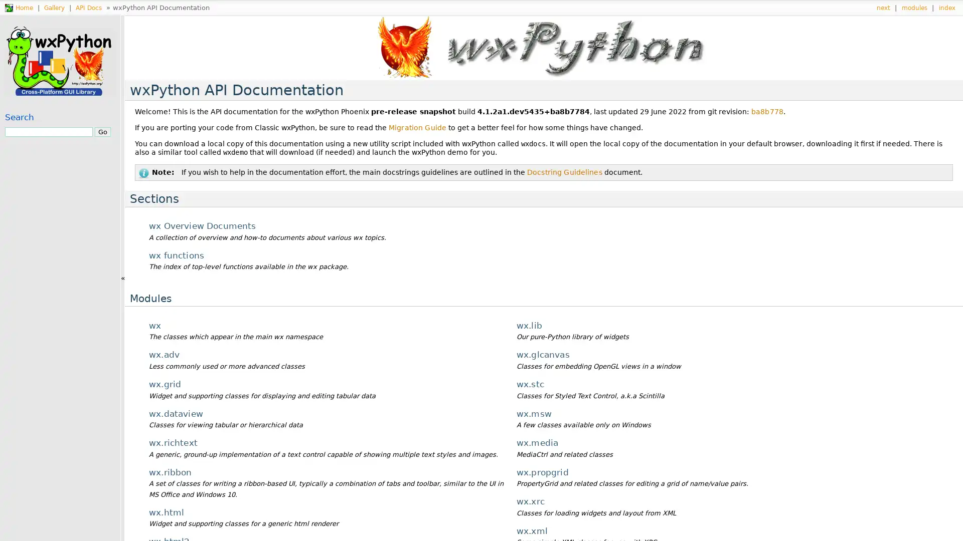  What do you see at coordinates (103, 131) in the screenshot?
I see `Go` at bounding box center [103, 131].